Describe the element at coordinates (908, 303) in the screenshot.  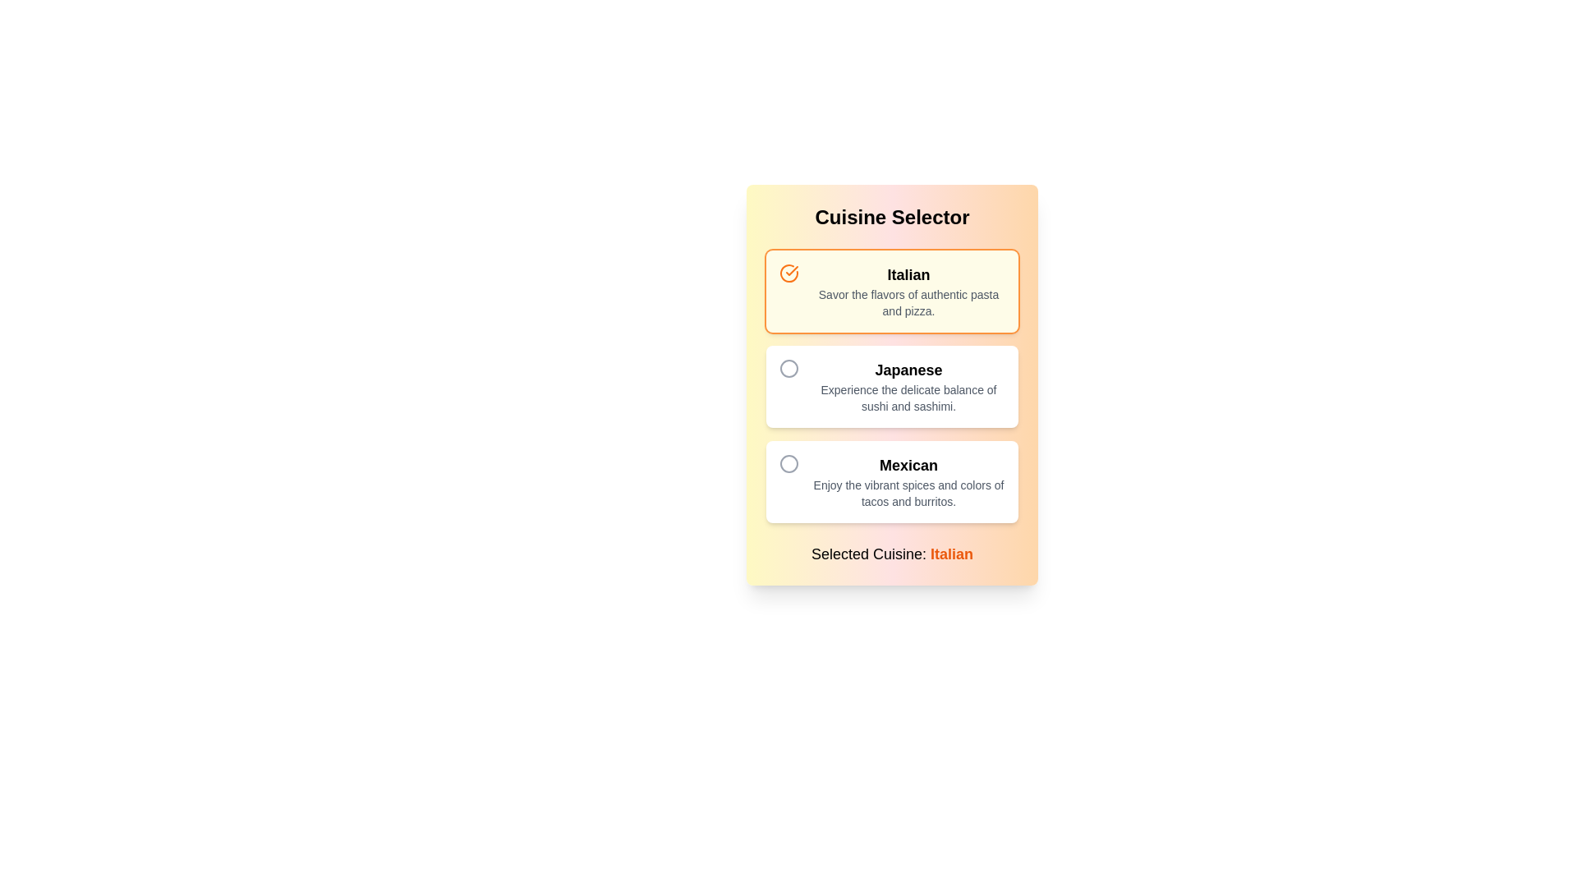
I see `the descriptive text element providing information about the 'Italian' option in the cuisine selector, located below the 'Italian' heading in the vertical list of cuisine options` at that location.